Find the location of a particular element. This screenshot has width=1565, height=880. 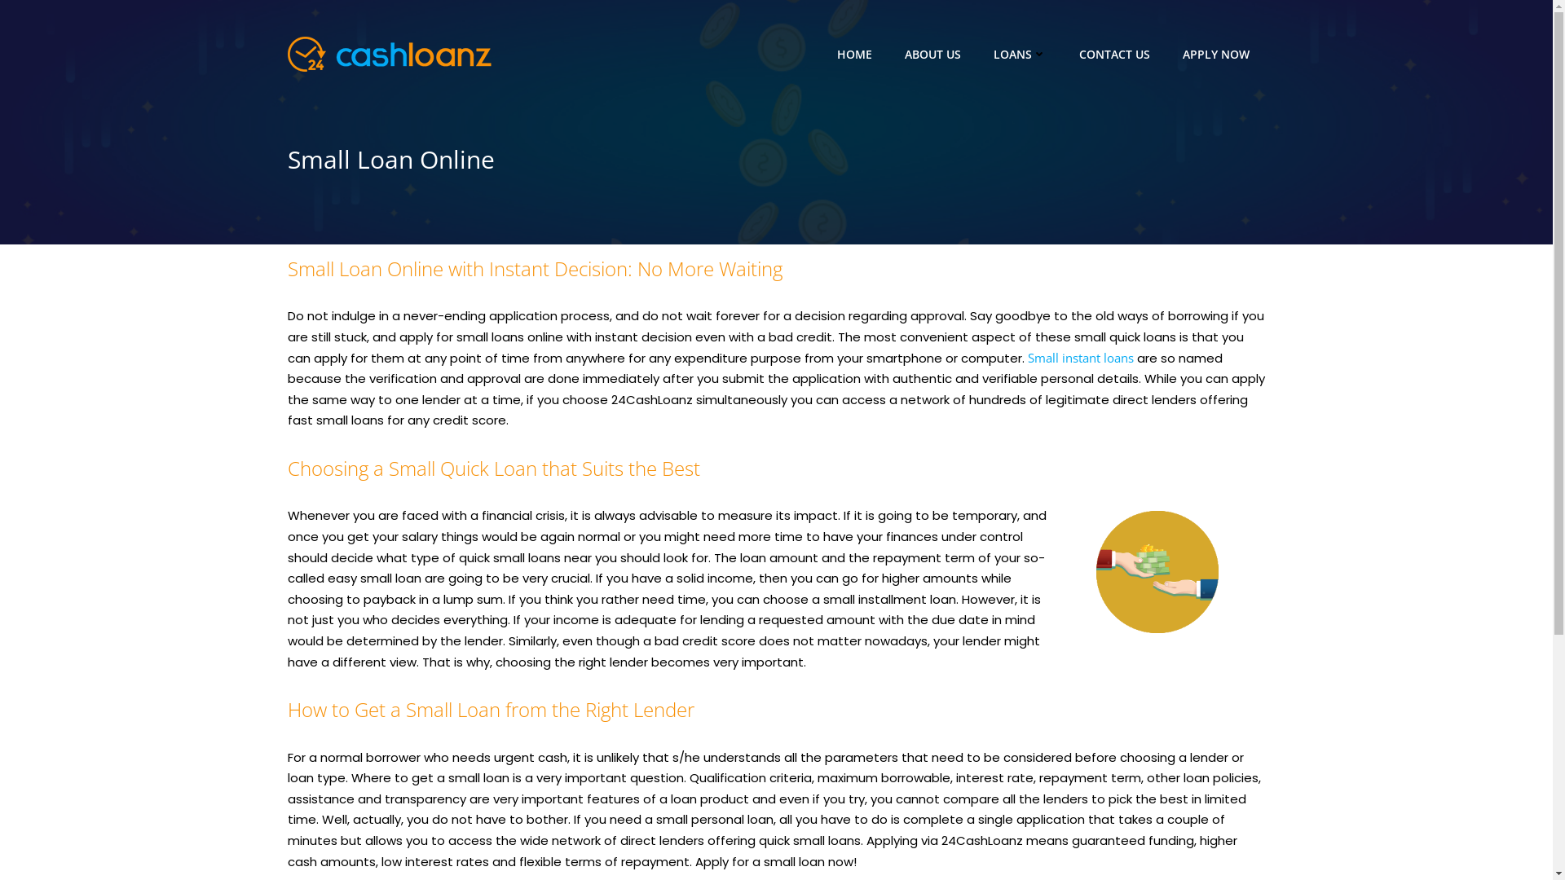

'APPLY NOW' is located at coordinates (1215, 53).